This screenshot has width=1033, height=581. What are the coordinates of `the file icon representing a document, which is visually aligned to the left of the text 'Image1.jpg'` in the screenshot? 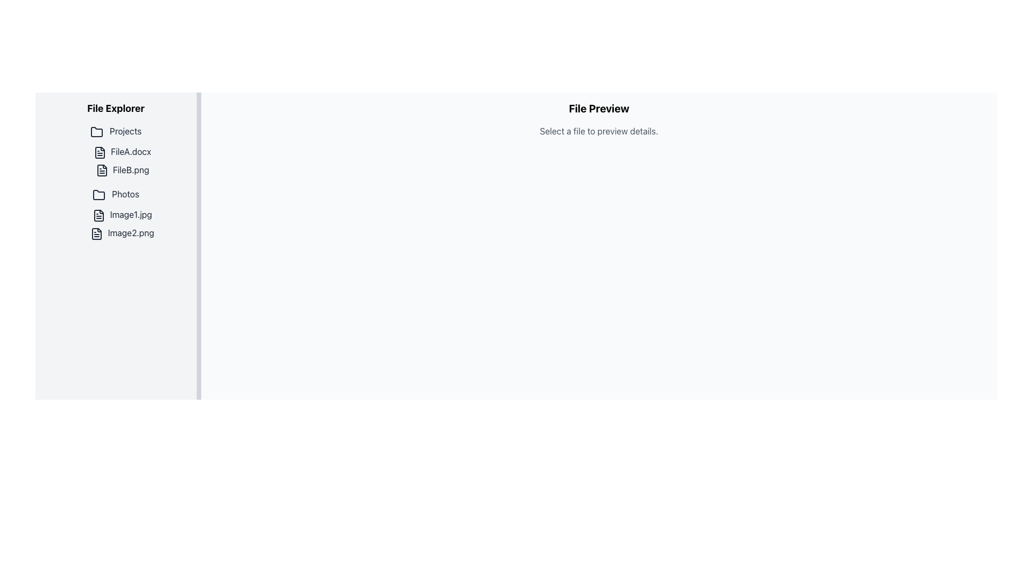 It's located at (99, 215).